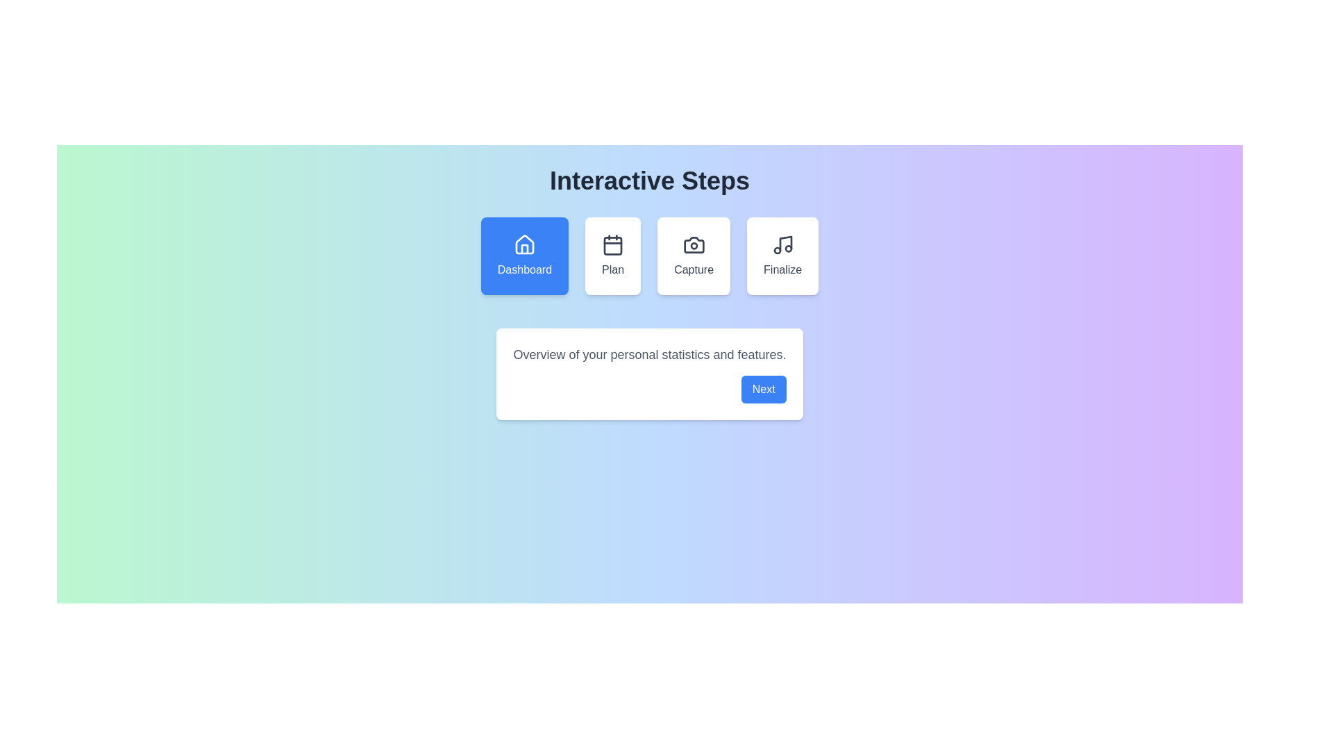 Image resolution: width=1333 pixels, height=750 pixels. What do you see at coordinates (612, 256) in the screenshot?
I see `the step Plan by clicking on its icon` at bounding box center [612, 256].